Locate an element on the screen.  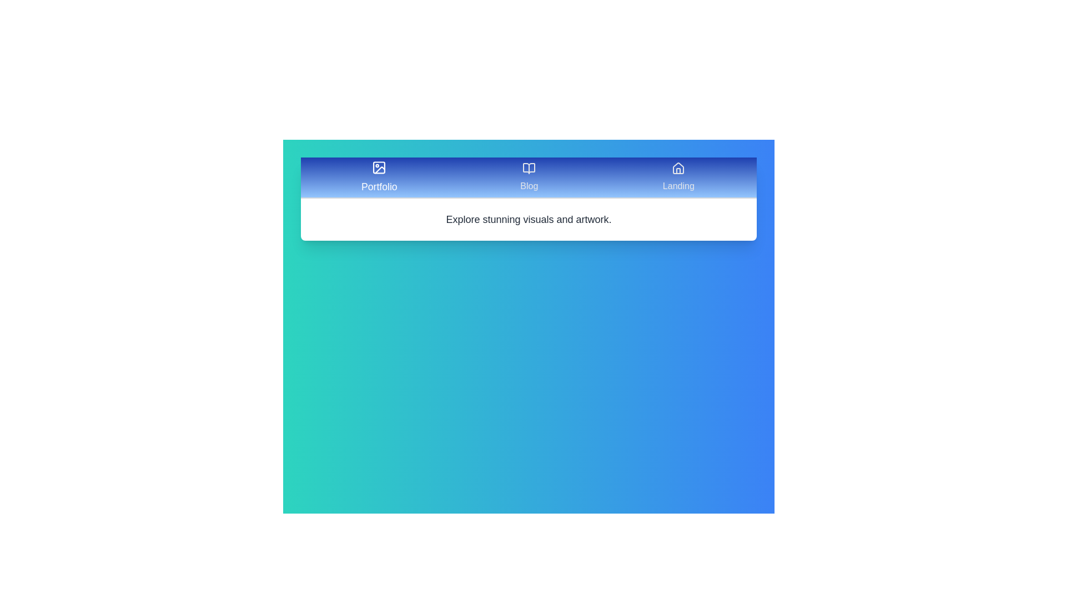
the Landing tab by clicking on it is located at coordinates (678, 177).